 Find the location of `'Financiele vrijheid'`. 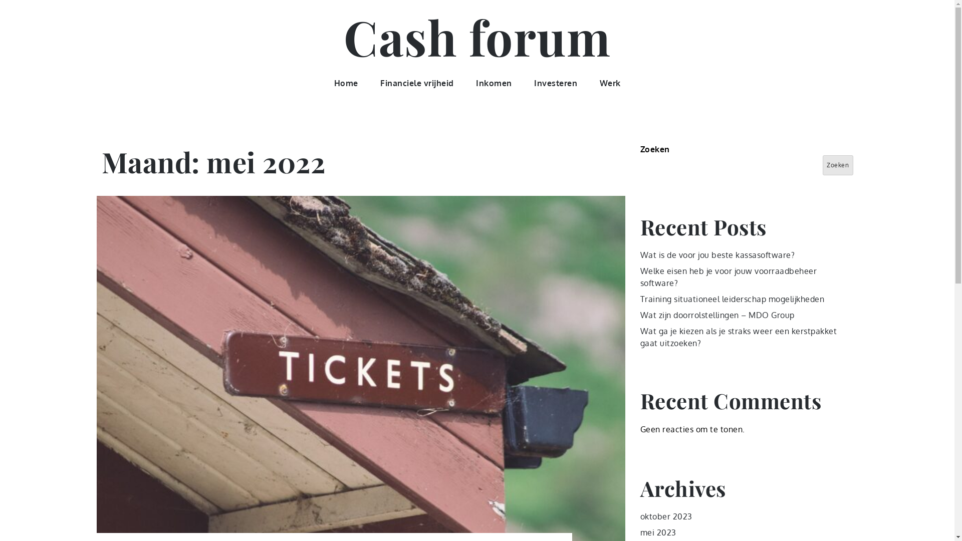

'Financiele vrijheid' is located at coordinates (417, 82).